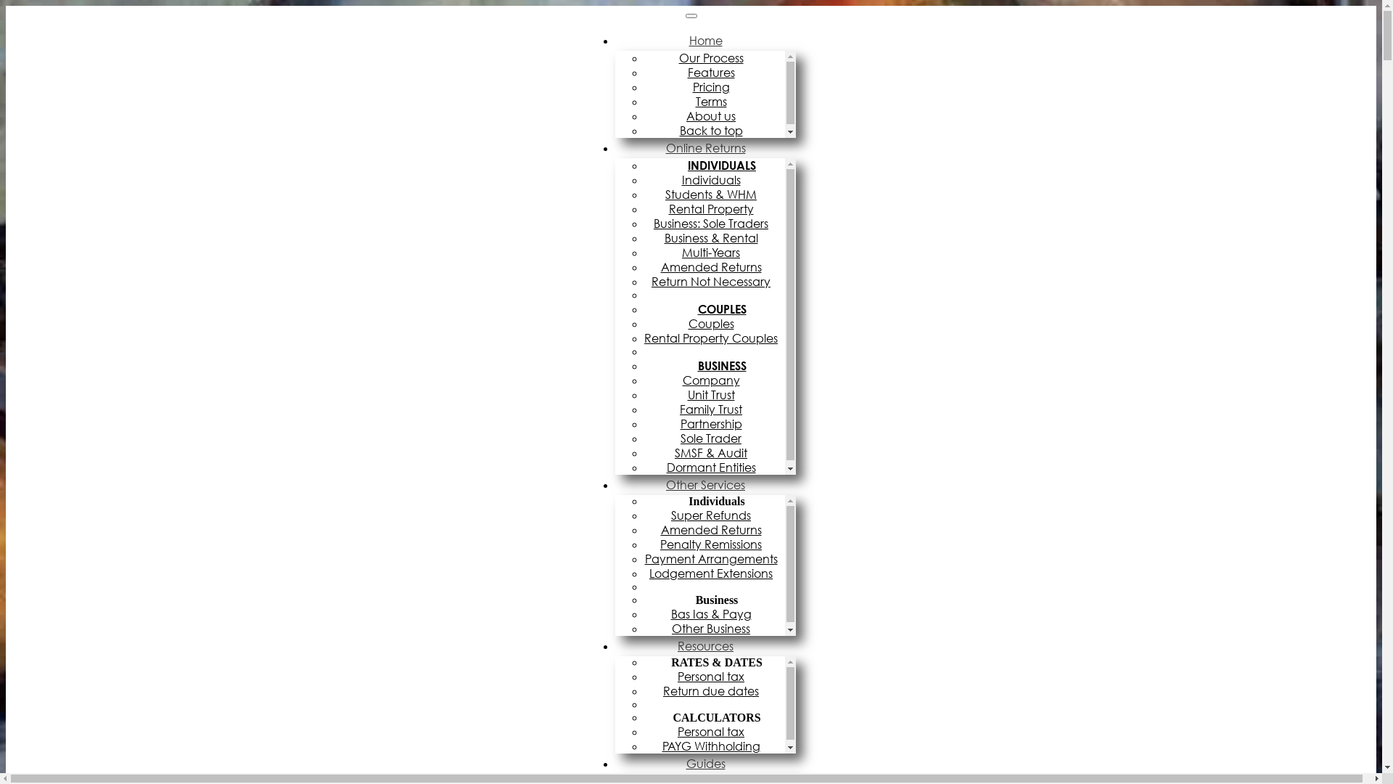  I want to click on 'Other Services', so click(705, 484).